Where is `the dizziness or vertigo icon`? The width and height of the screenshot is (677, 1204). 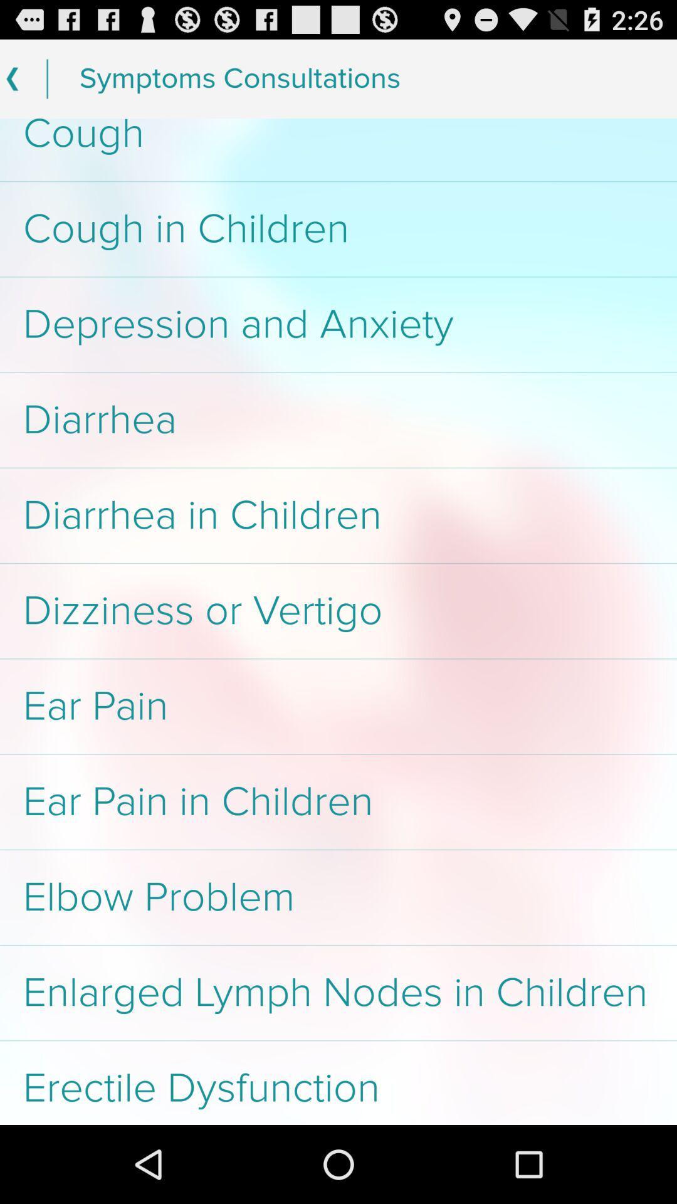 the dizziness or vertigo icon is located at coordinates (338, 611).